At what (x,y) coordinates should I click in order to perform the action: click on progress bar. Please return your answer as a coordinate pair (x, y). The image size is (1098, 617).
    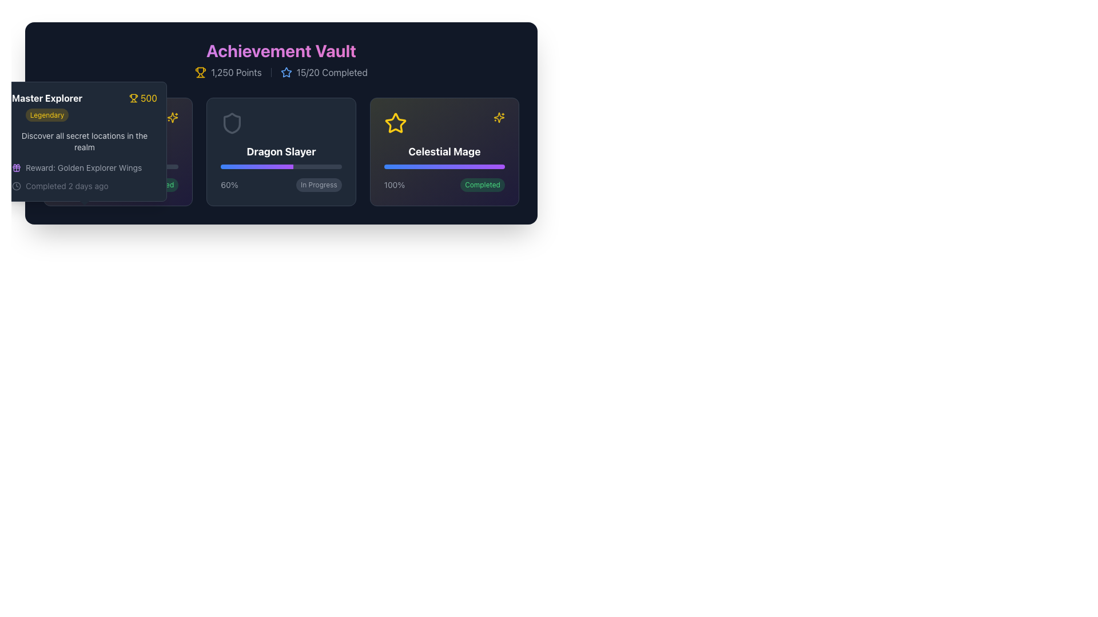
    Looking at the image, I should click on (226, 167).